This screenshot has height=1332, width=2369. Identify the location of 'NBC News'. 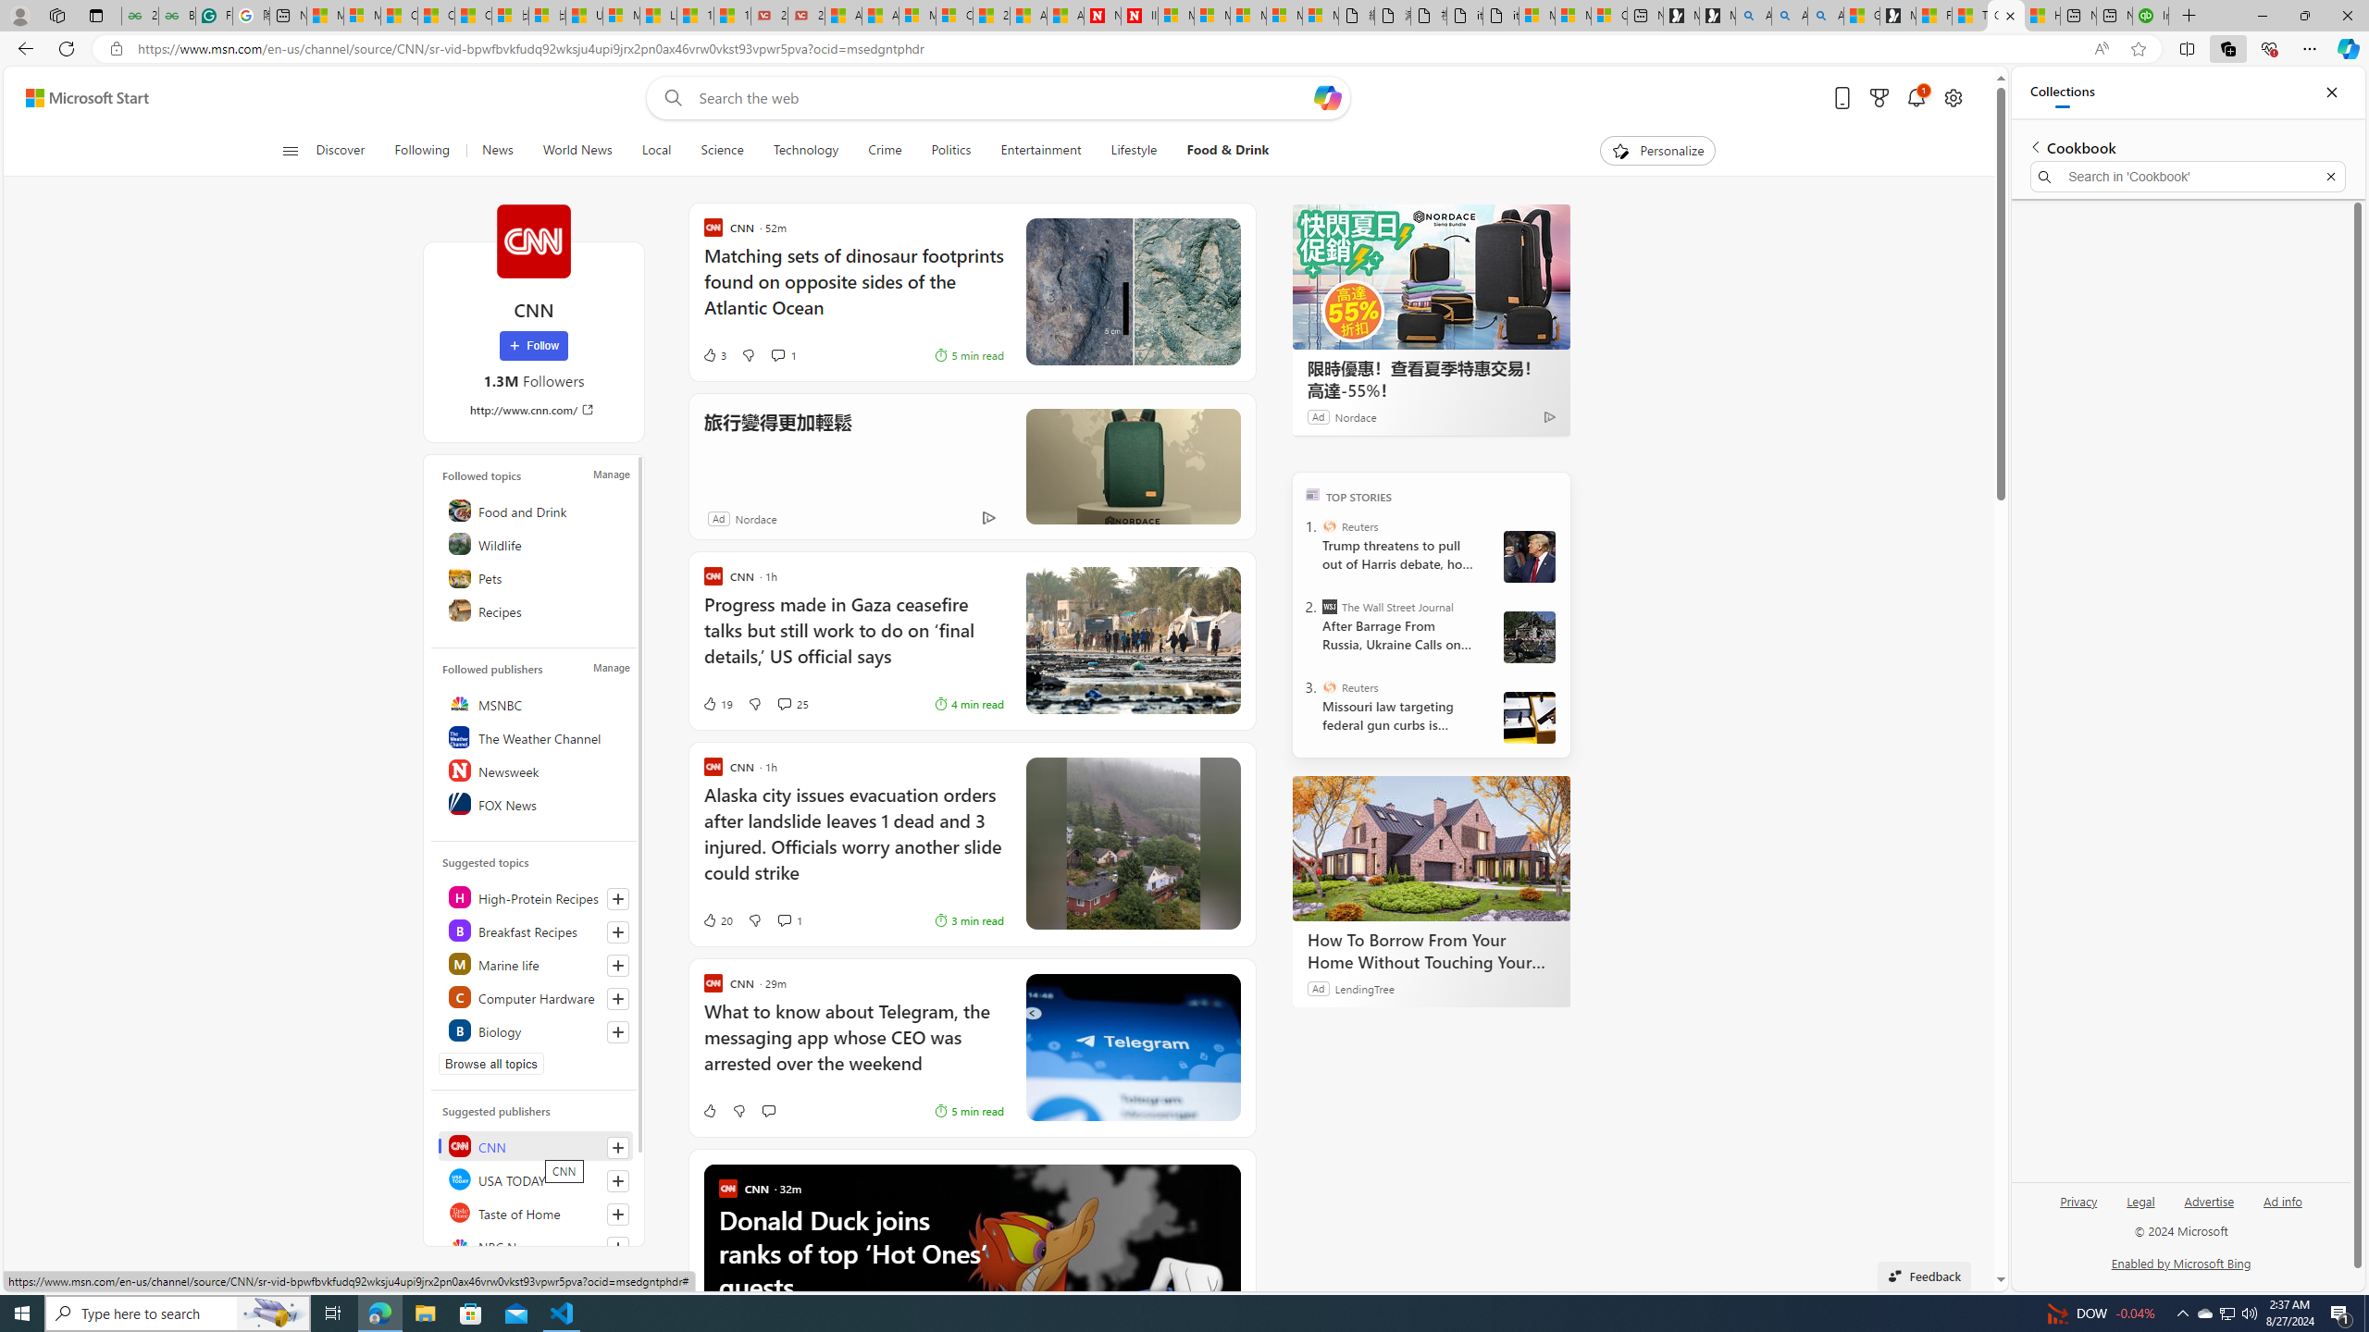
(535, 1246).